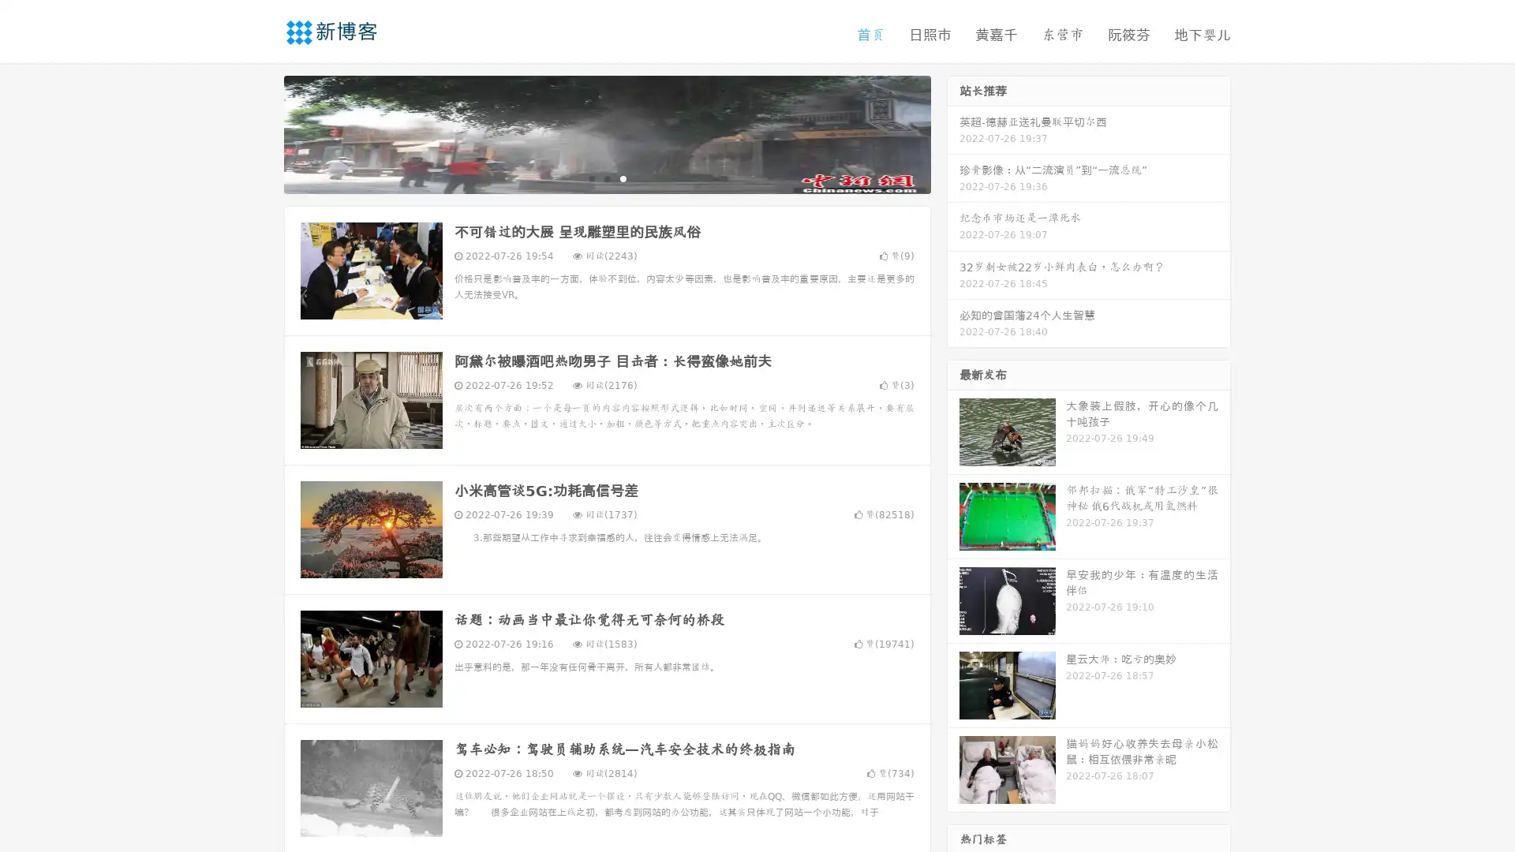 Image resolution: width=1515 pixels, height=852 pixels. What do you see at coordinates (590, 177) in the screenshot?
I see `Go to slide 1` at bounding box center [590, 177].